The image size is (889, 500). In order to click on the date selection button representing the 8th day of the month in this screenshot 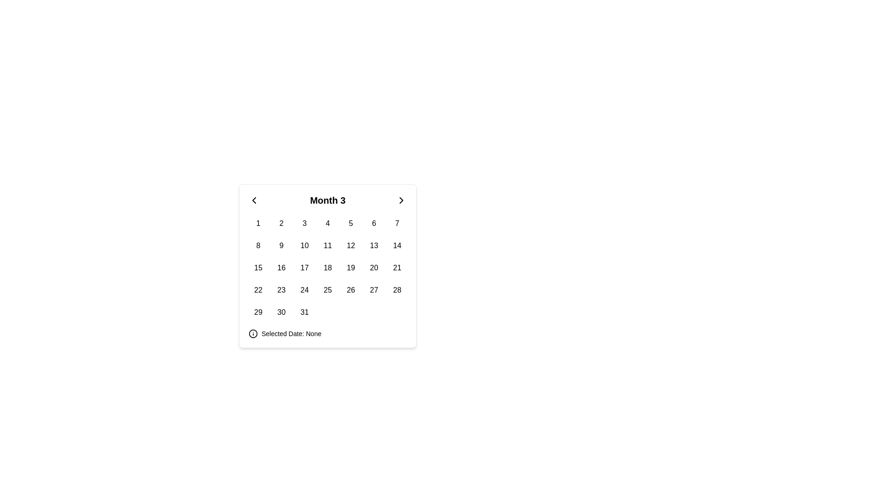, I will do `click(258, 245)`.